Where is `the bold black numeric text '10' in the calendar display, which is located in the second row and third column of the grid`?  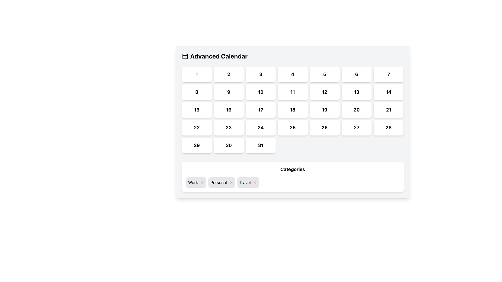
the bold black numeric text '10' in the calendar display, which is located in the second row and third column of the grid is located at coordinates (261, 92).